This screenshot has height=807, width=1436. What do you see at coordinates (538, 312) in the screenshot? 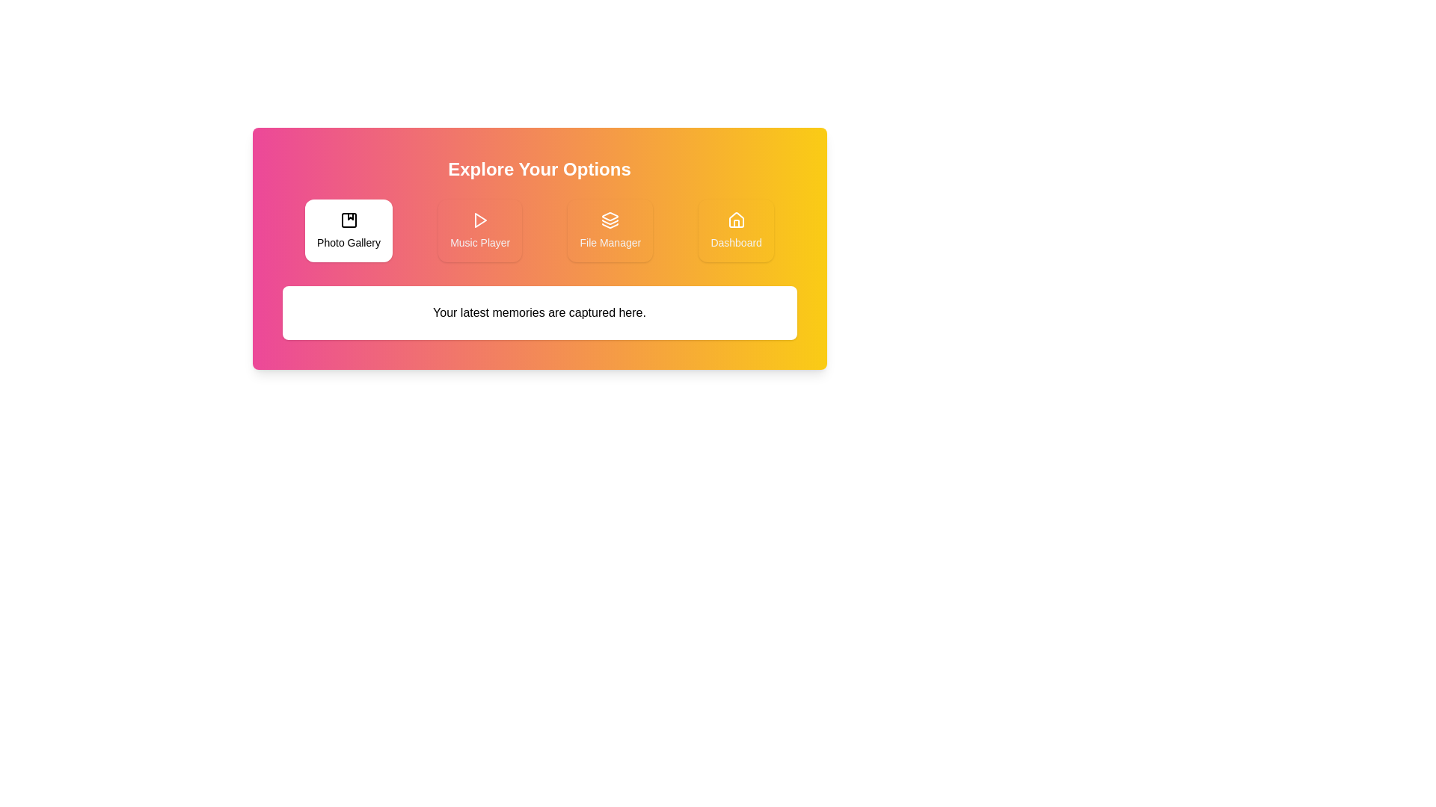
I see `the Static Text element that provides descriptive or informative text, centrally positioned in a white rectangular area with rounded corners at the bottom of a gradient background` at bounding box center [538, 312].